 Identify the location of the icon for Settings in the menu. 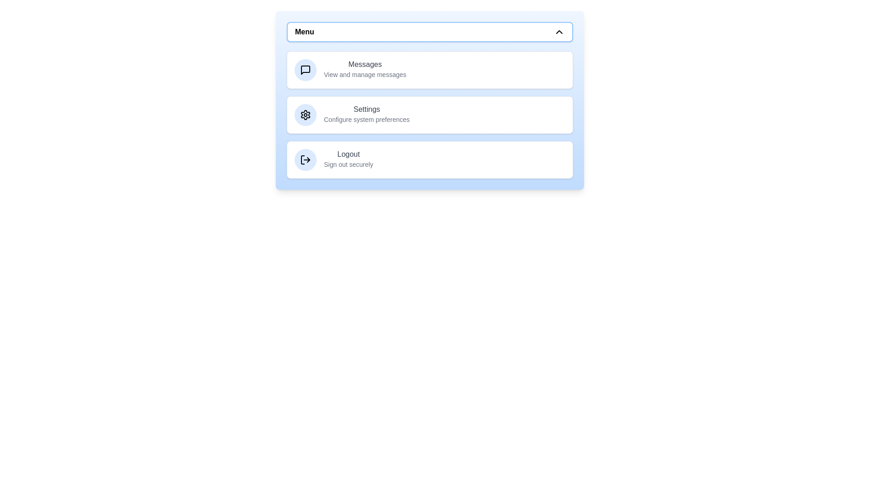
(306, 114).